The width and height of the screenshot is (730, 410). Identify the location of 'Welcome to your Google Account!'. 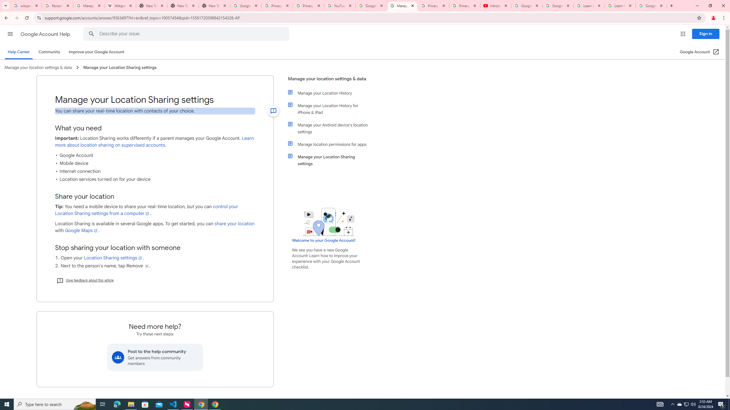
(323, 240).